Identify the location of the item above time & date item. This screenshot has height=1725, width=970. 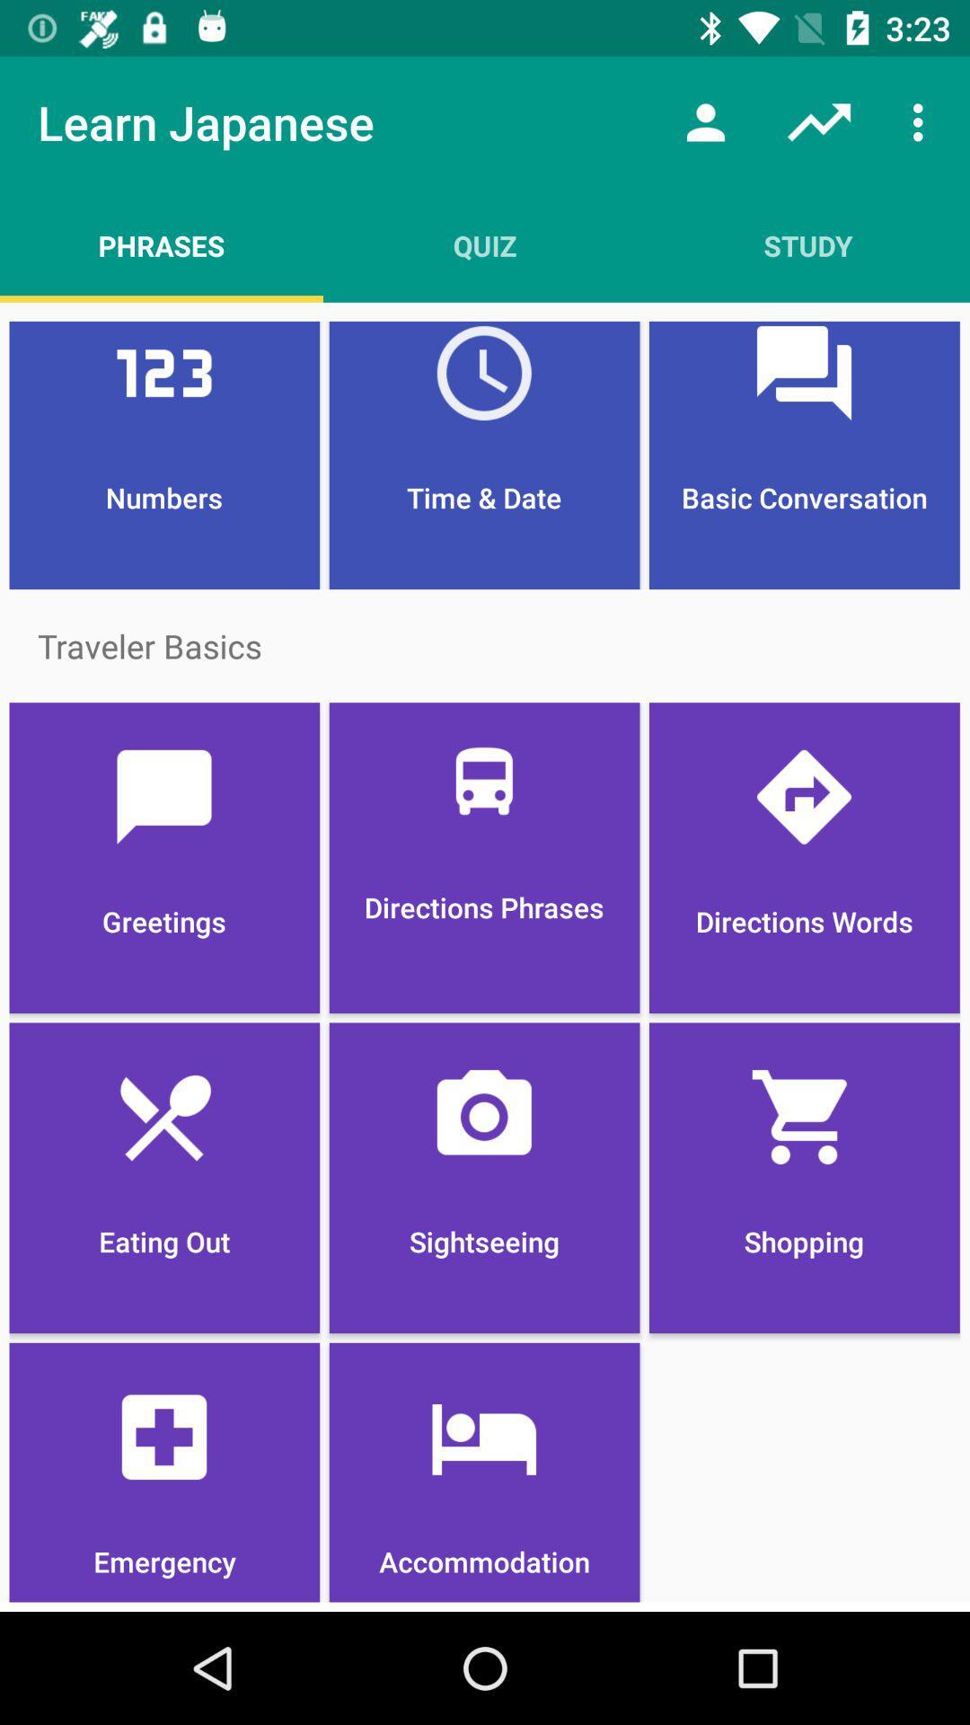
(807, 244).